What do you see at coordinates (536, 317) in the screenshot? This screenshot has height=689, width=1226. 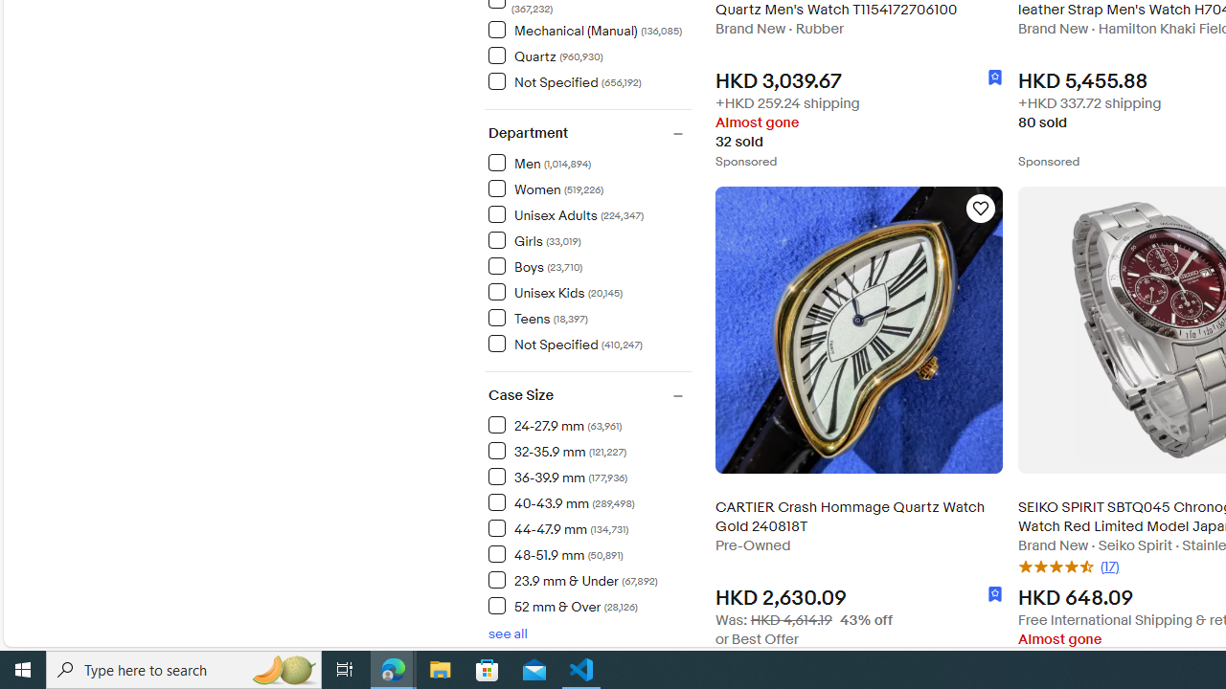 I see `'Teens (18,397) Items'` at bounding box center [536, 317].